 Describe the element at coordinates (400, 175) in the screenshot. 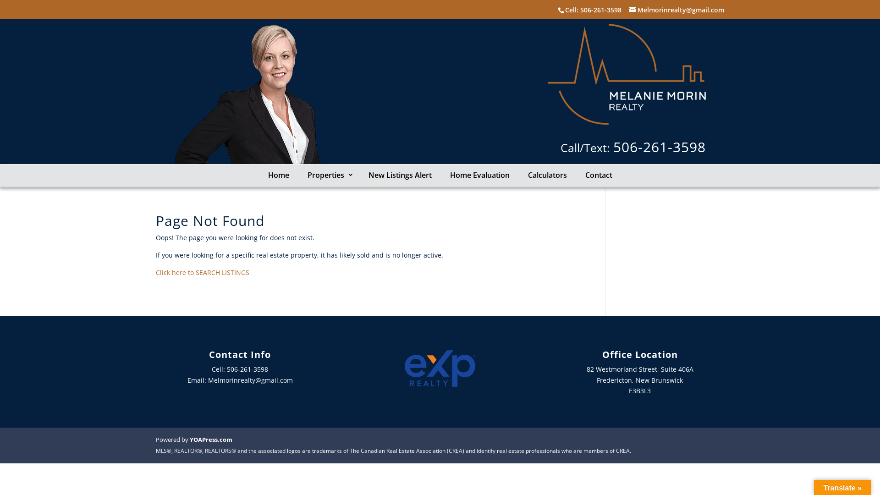

I see `'New Listings Alert'` at that location.